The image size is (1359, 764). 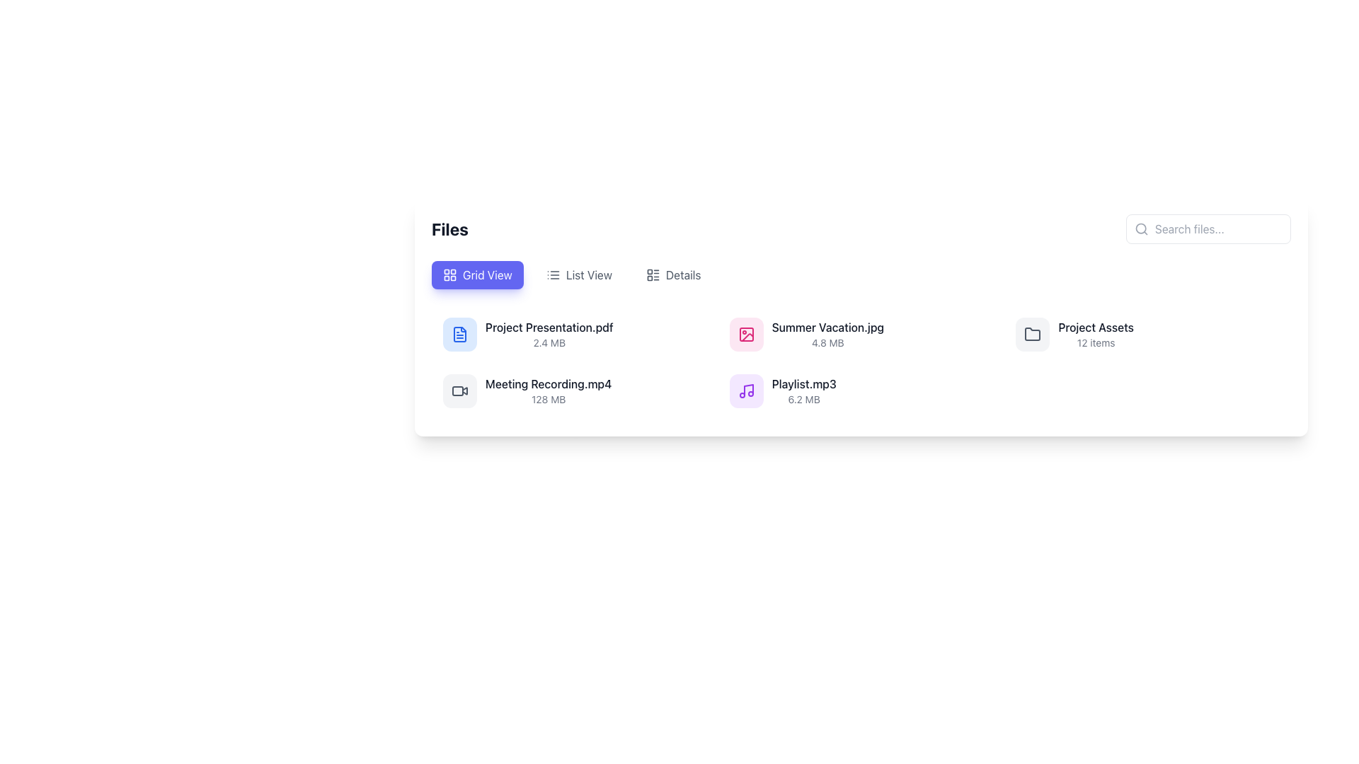 What do you see at coordinates (527, 390) in the screenshot?
I see `the video file entry located` at bounding box center [527, 390].